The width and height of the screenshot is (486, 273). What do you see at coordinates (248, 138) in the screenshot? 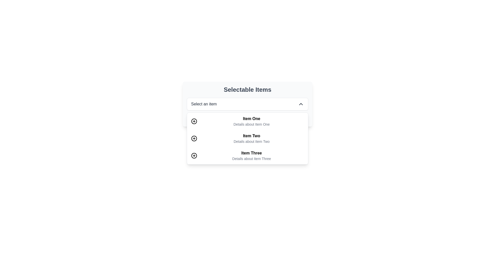
I see `the dropdown list item with the bold title 'Item Two' and the gray description 'Details about Item Two'` at bounding box center [248, 138].